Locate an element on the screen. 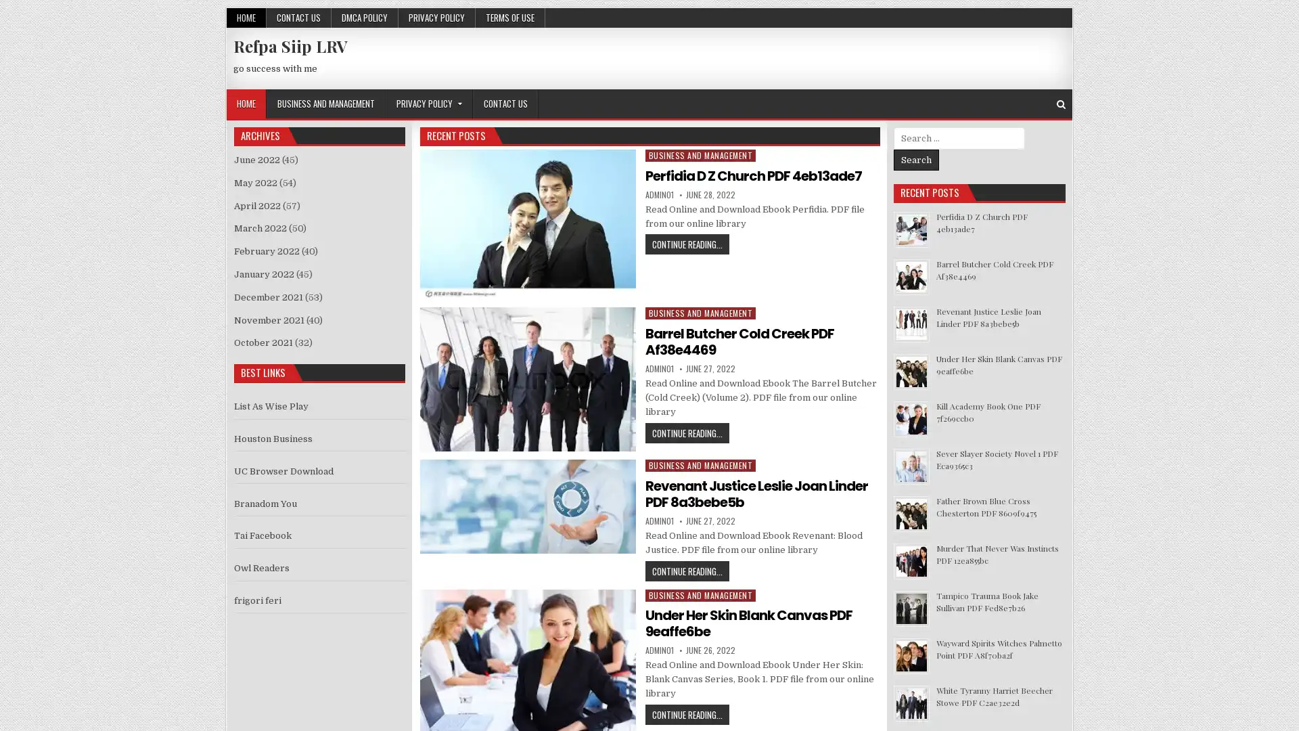 The width and height of the screenshot is (1299, 731). Search is located at coordinates (916, 159).